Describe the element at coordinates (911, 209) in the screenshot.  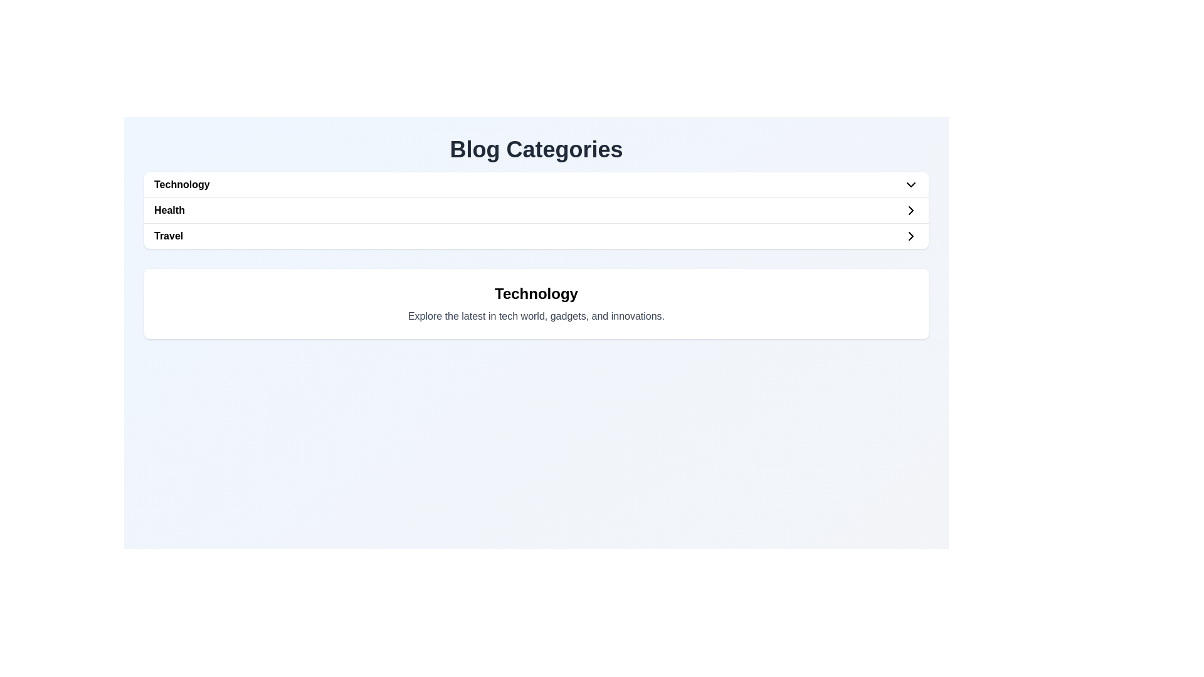
I see `the rightward-pointing chevron icon located in the 'Health' category` at that location.